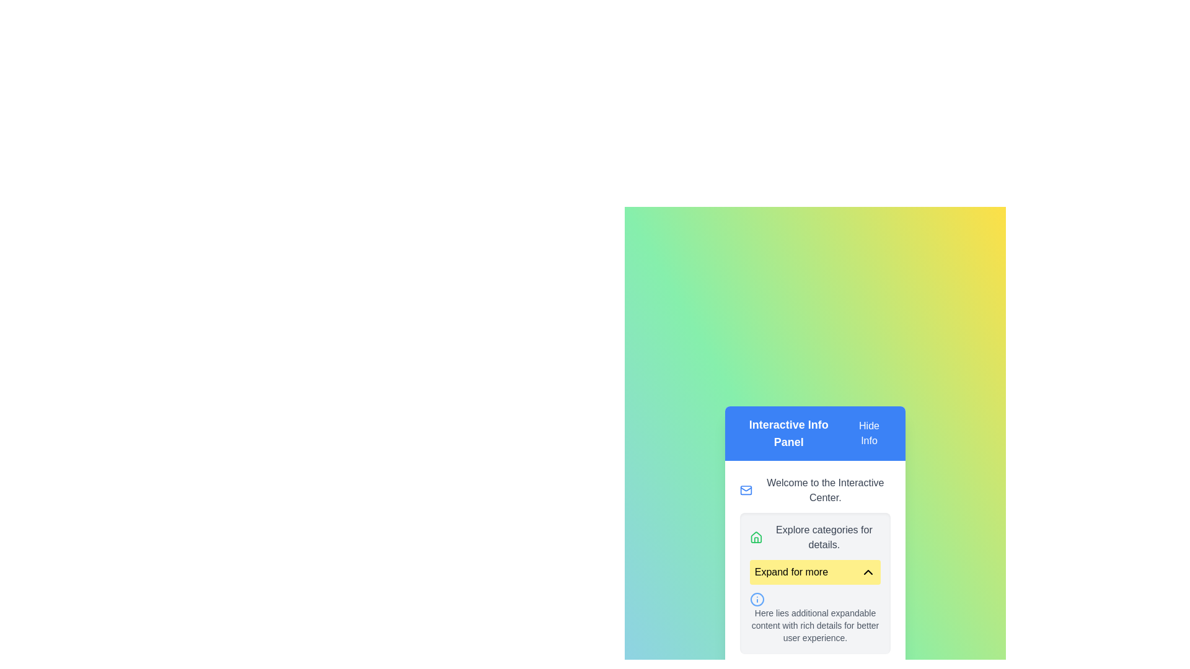  I want to click on the static text element that says 'Expand for more', which is styled in bold on a yellow background and located towards the center of the lower section of the panel, so click(790, 572).